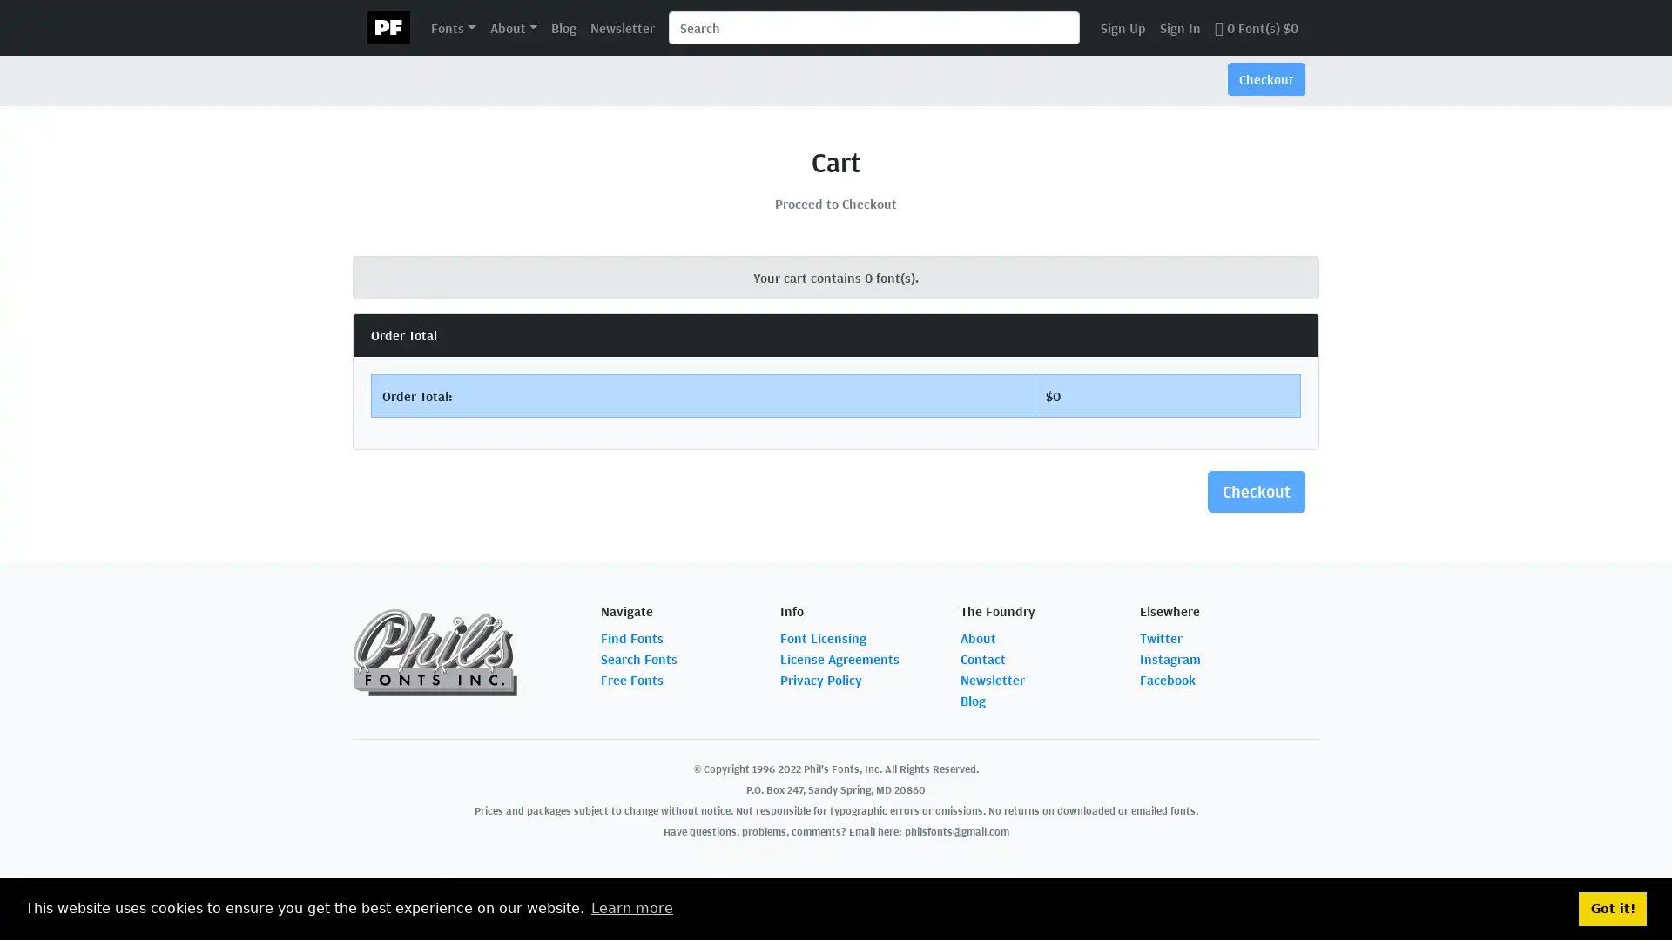 This screenshot has height=940, width=1672. I want to click on Checkout, so click(1257, 491).